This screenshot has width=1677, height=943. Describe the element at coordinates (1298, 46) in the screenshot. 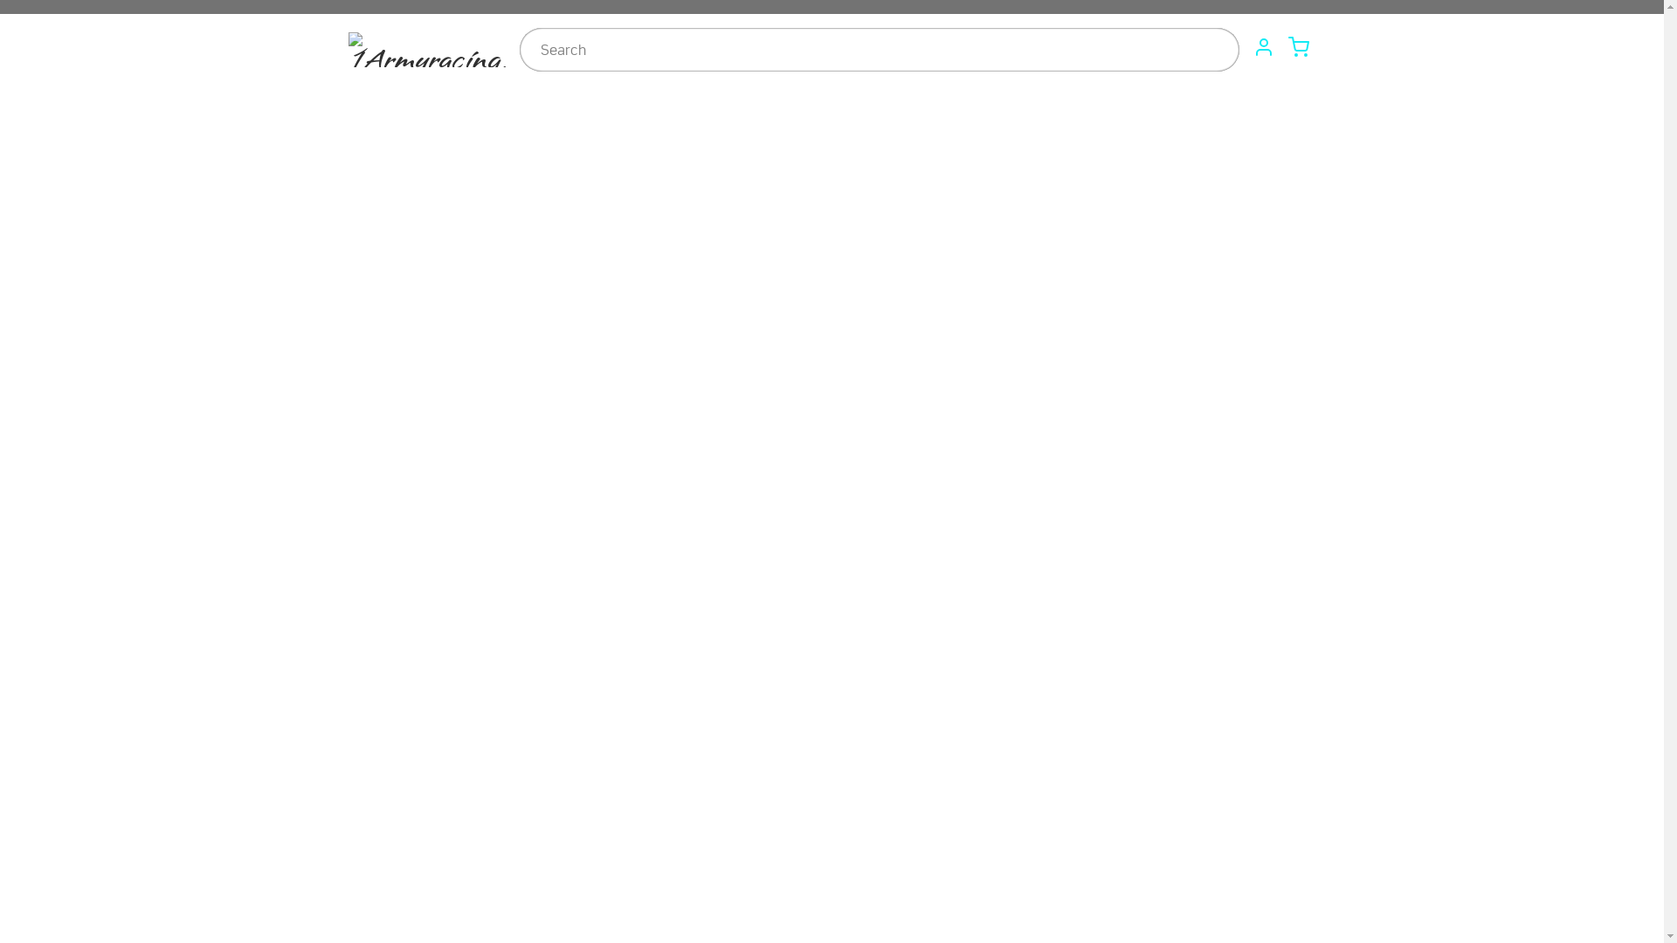

I see `'Cart'` at that location.